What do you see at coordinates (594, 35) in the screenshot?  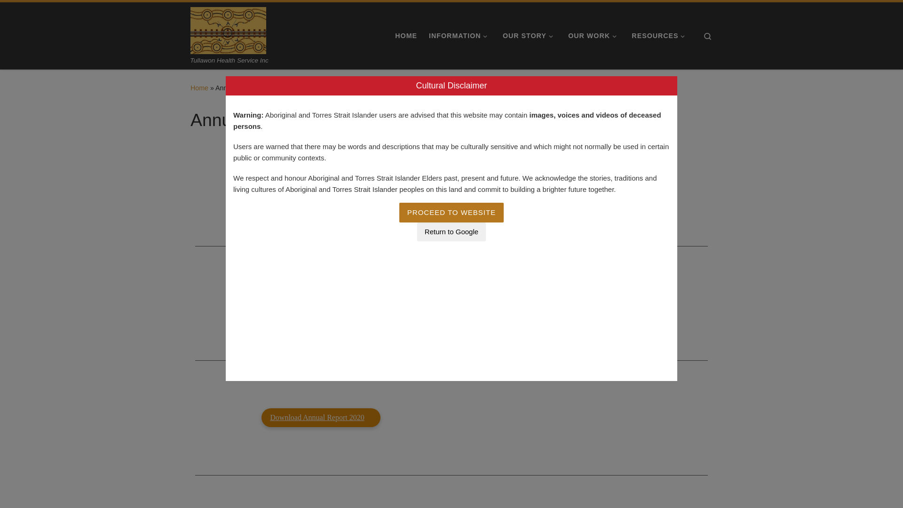 I see `'OUR WORK'` at bounding box center [594, 35].